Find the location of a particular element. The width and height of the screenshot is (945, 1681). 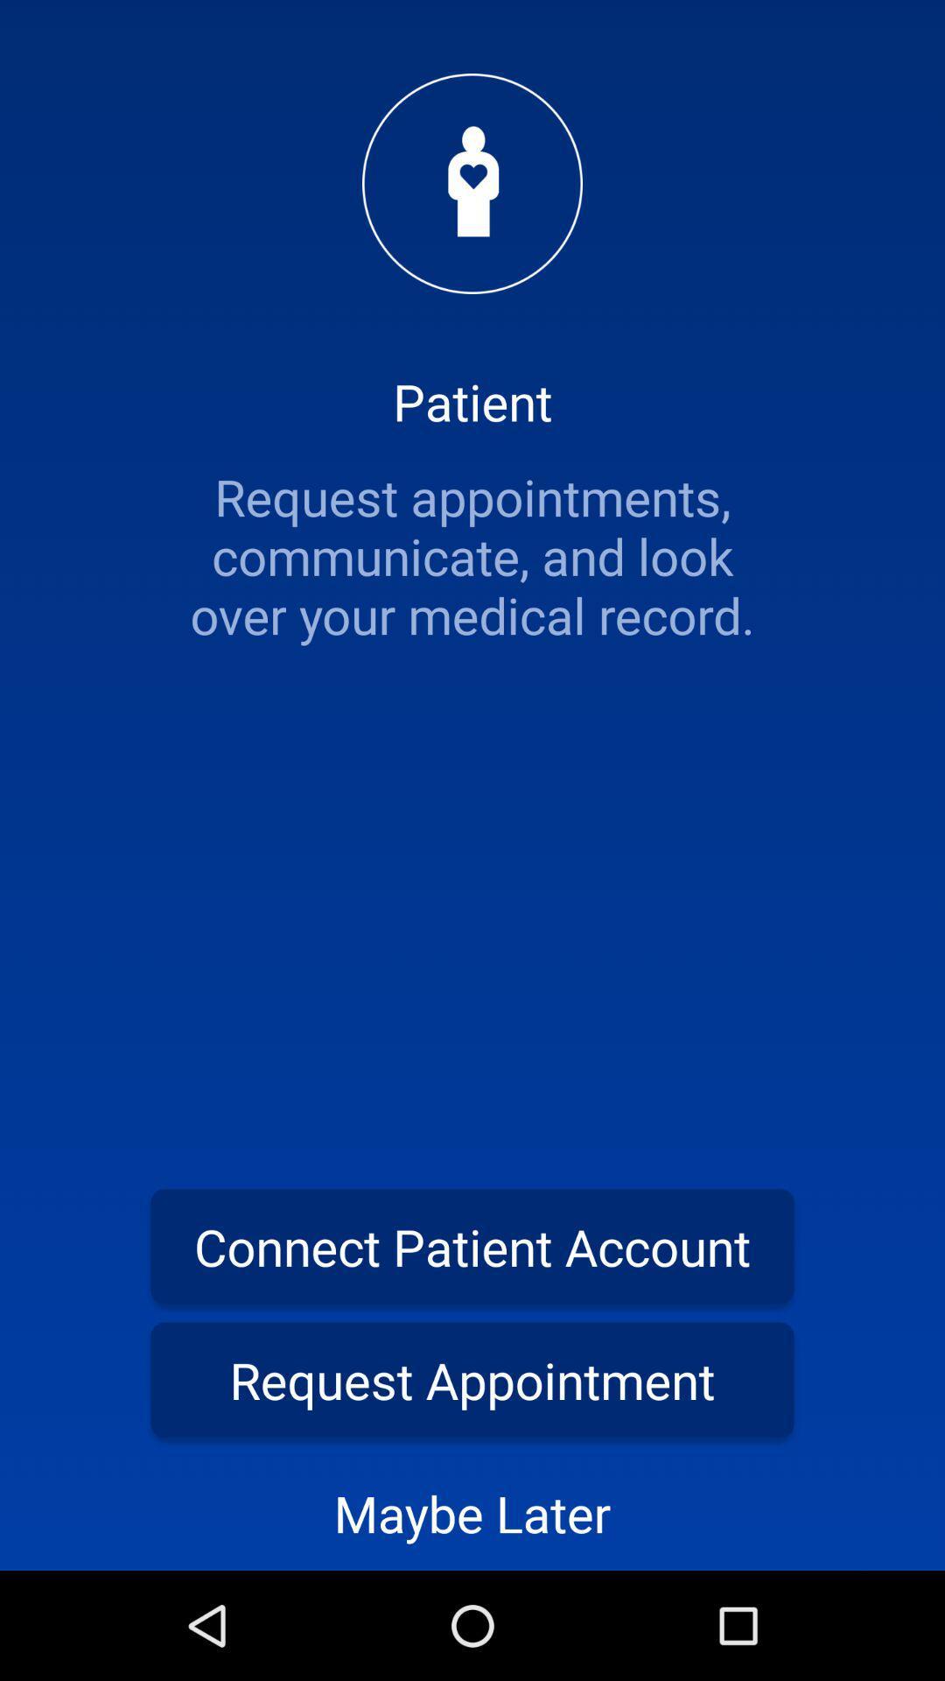

icon below request appointment item is located at coordinates (472, 1512).